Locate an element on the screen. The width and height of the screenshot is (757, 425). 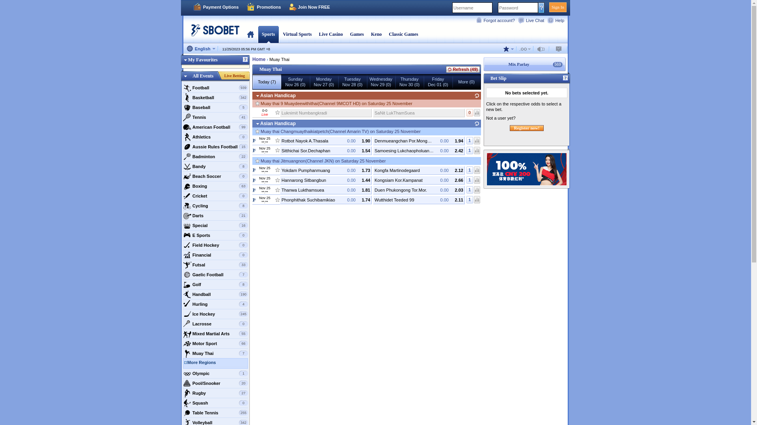
'Payment Options' is located at coordinates (193, 7).